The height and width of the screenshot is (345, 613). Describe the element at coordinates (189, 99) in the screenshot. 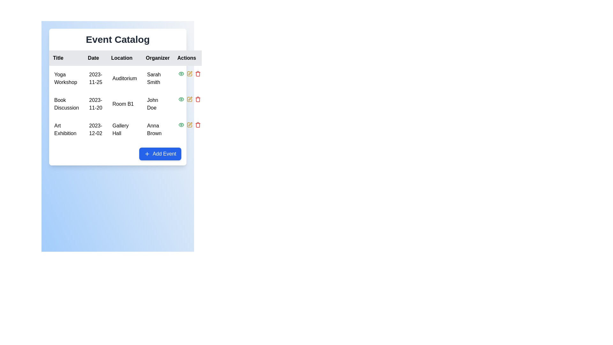

I see `the pencil icon in the 'Actions' column for the 'Book Discussion' row to initiate editing the event` at that location.